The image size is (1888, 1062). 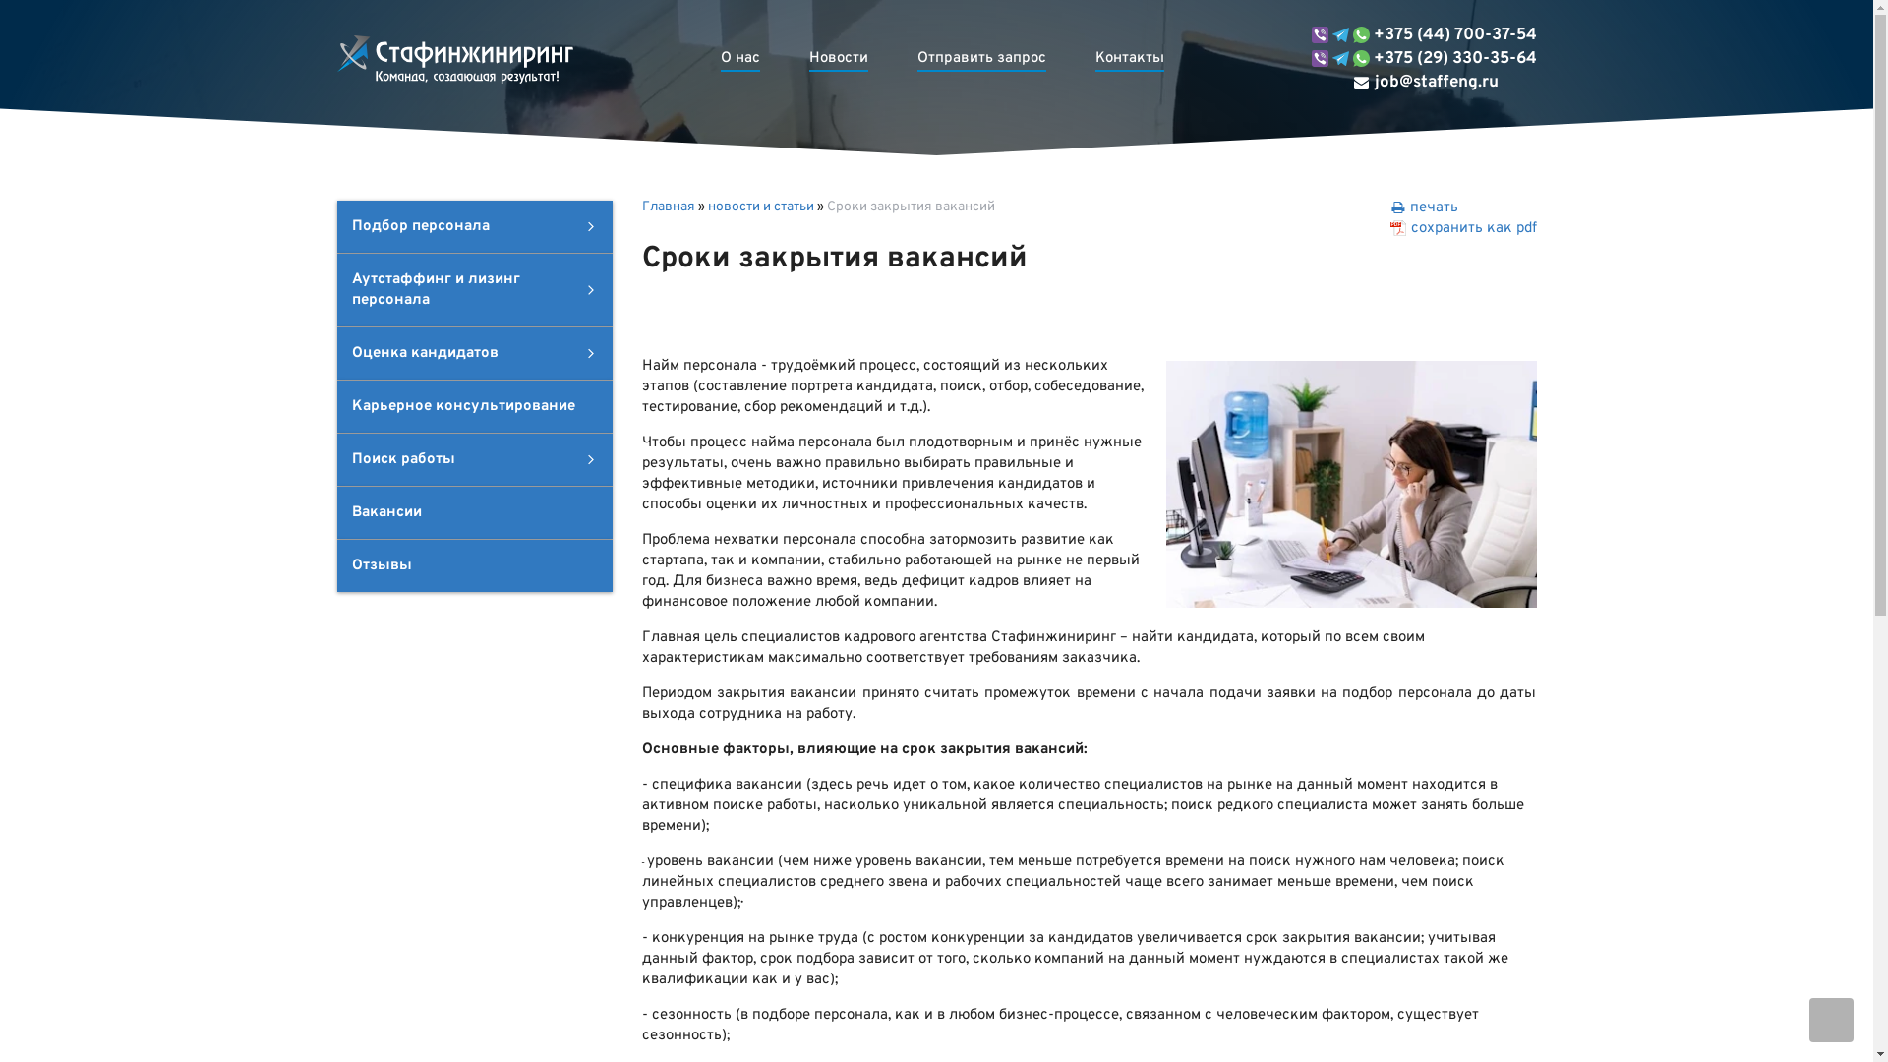 What do you see at coordinates (1424, 58) in the screenshot?
I see `'+375 (29) 330-35-64'` at bounding box center [1424, 58].